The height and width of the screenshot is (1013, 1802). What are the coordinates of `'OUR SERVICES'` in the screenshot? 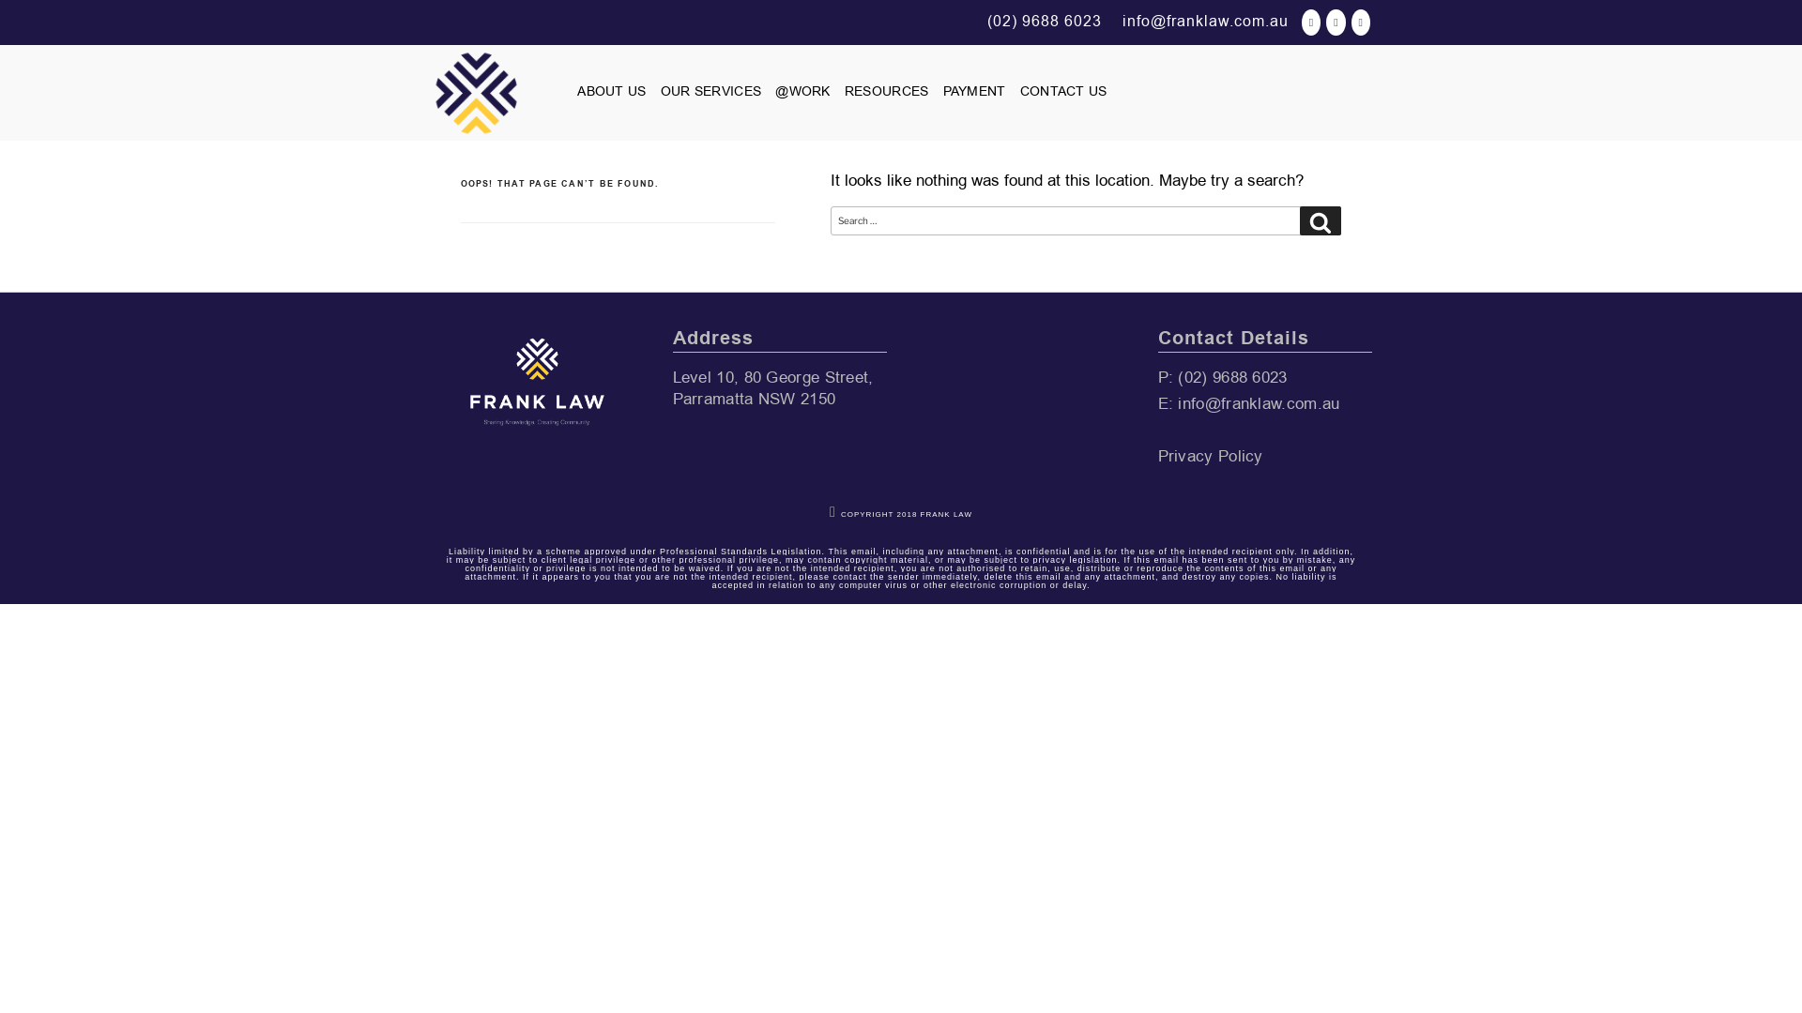 It's located at (710, 92).